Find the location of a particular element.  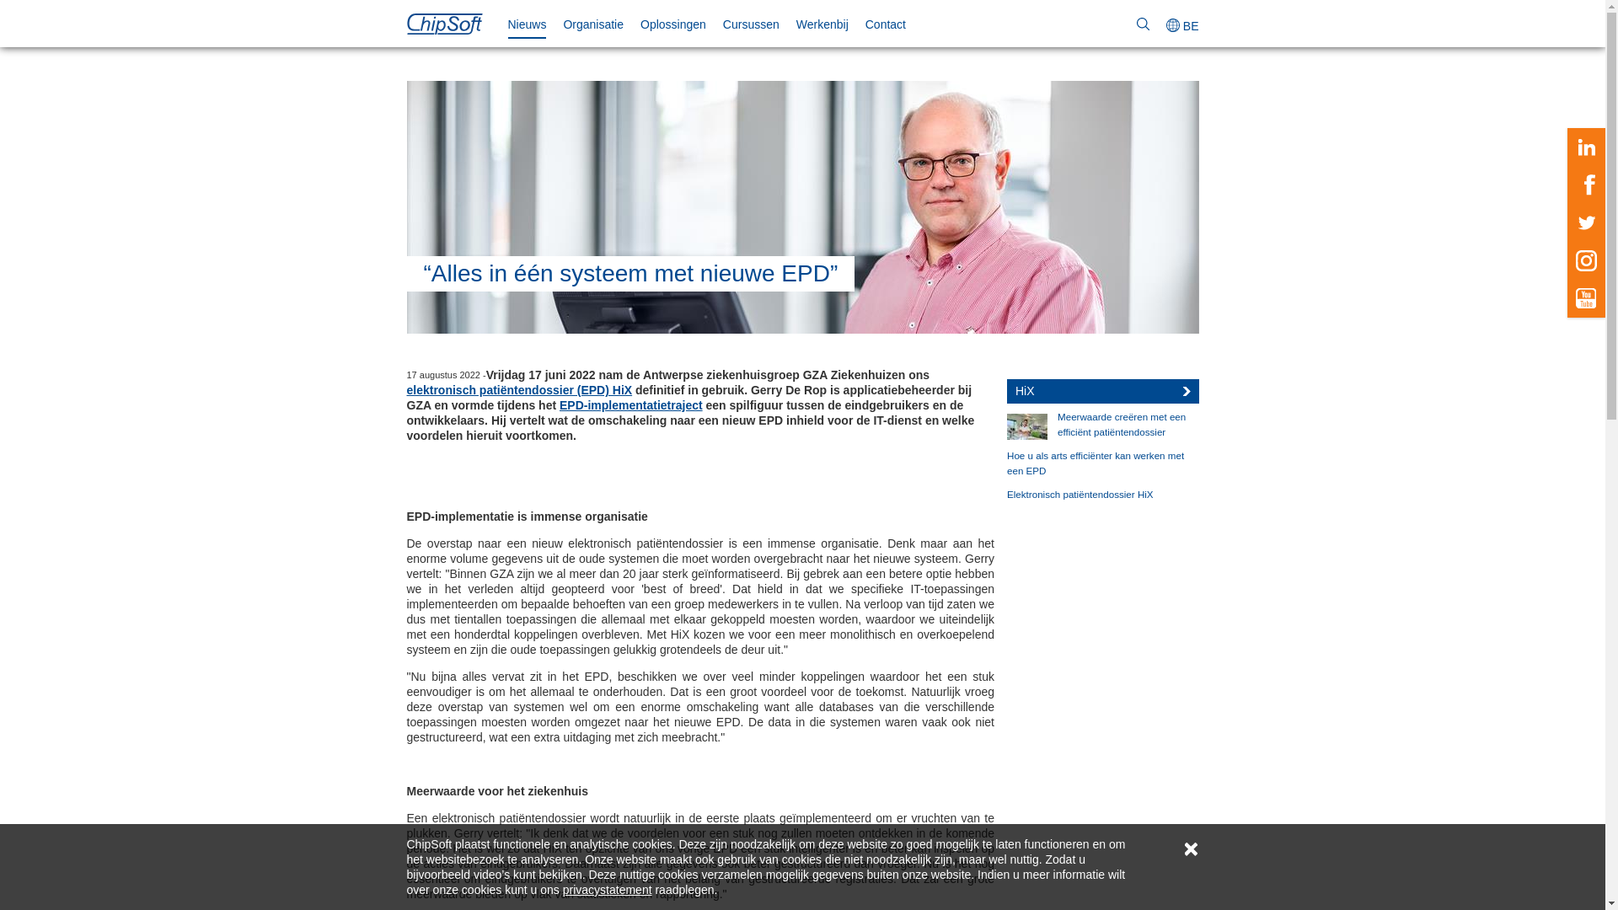

'Oplossingen' is located at coordinates (672, 24).